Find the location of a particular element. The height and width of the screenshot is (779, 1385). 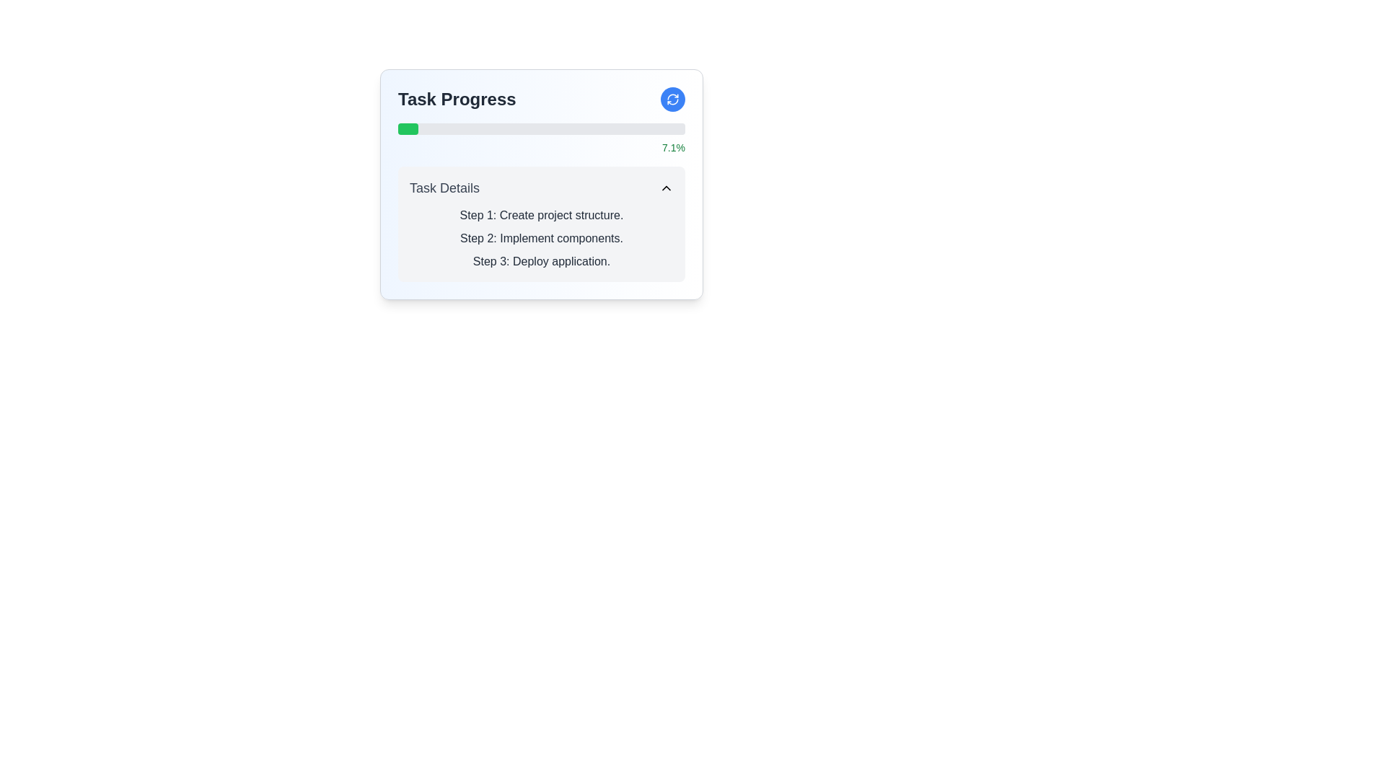

progress value displayed on the progress bar located within the 'Task Progress' section, which shows the current progress percentage next to the filled green portion of the bar is located at coordinates (540, 138).